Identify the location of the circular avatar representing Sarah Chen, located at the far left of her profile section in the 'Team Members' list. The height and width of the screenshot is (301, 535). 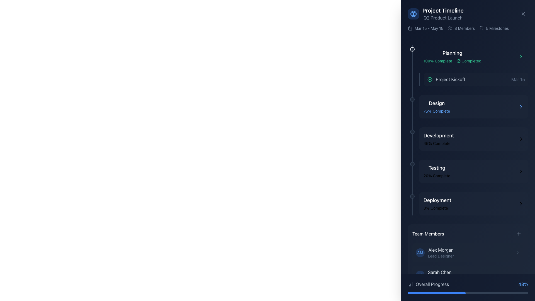
(420, 275).